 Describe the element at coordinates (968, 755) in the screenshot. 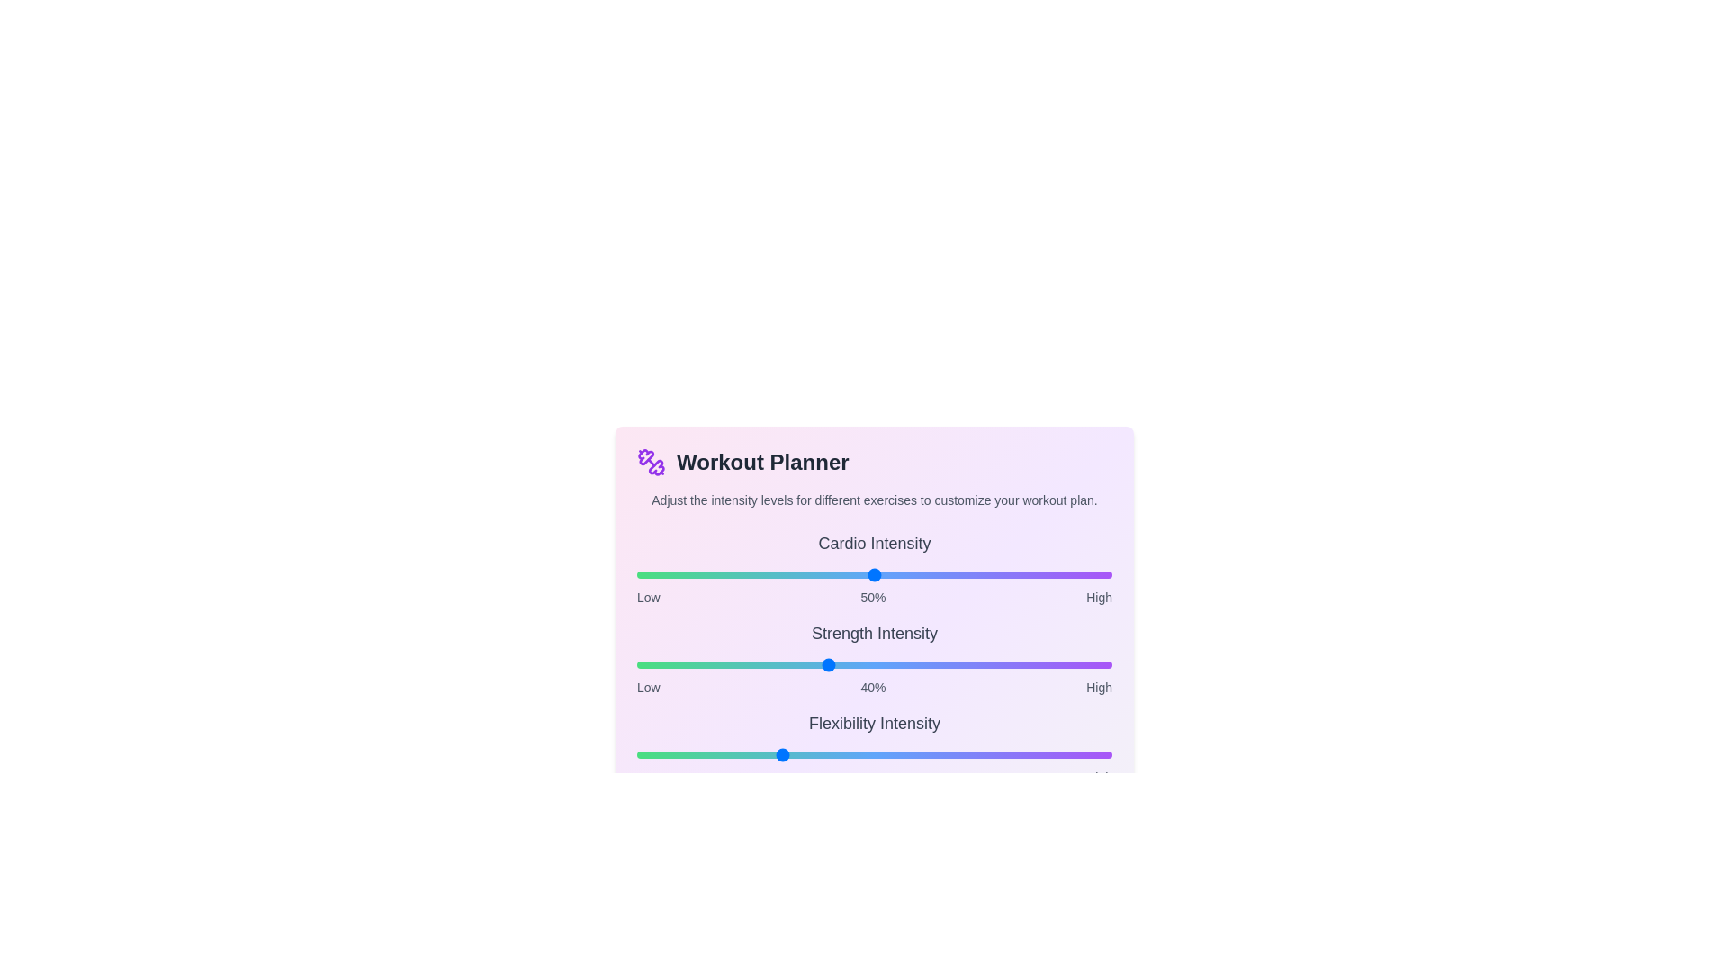

I see `the intensity of the 2 slider to 70%` at that location.